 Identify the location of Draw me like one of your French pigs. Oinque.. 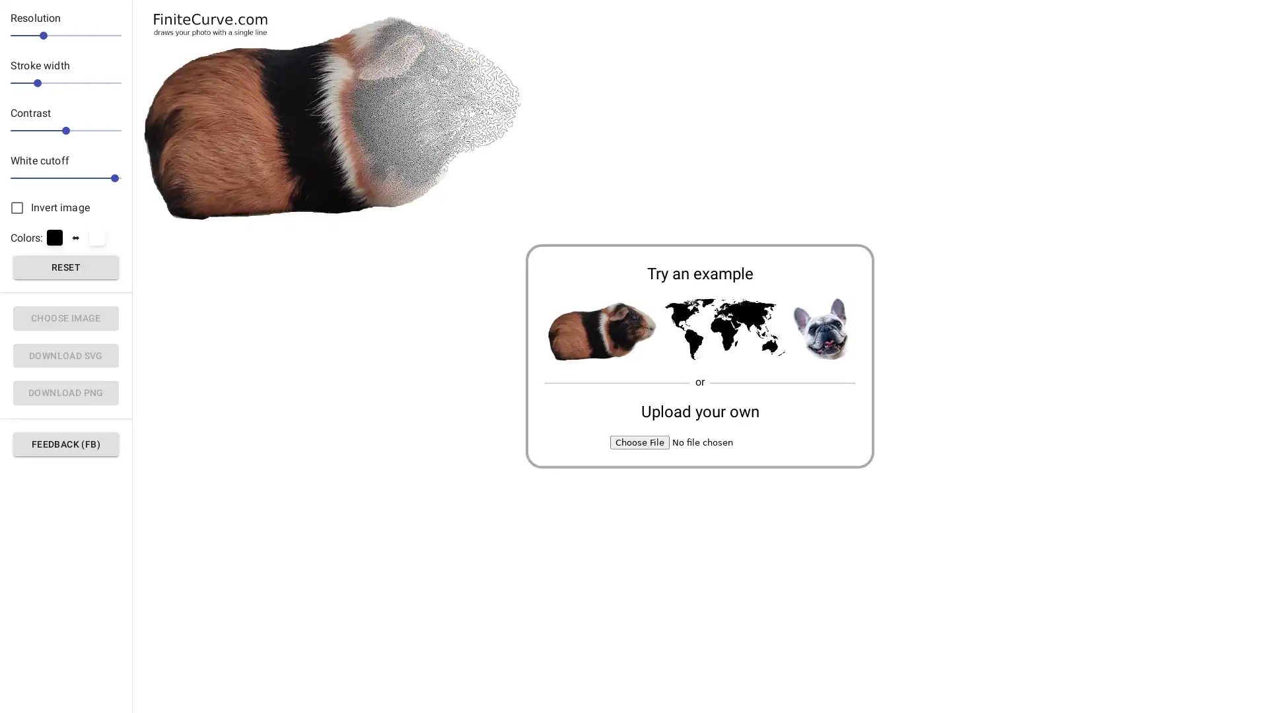
(600, 329).